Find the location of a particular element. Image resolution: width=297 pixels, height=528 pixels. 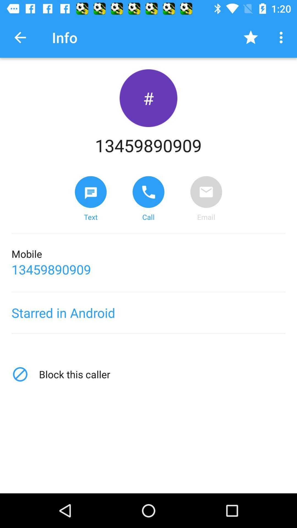

the item to the left of info icon is located at coordinates (20, 37).